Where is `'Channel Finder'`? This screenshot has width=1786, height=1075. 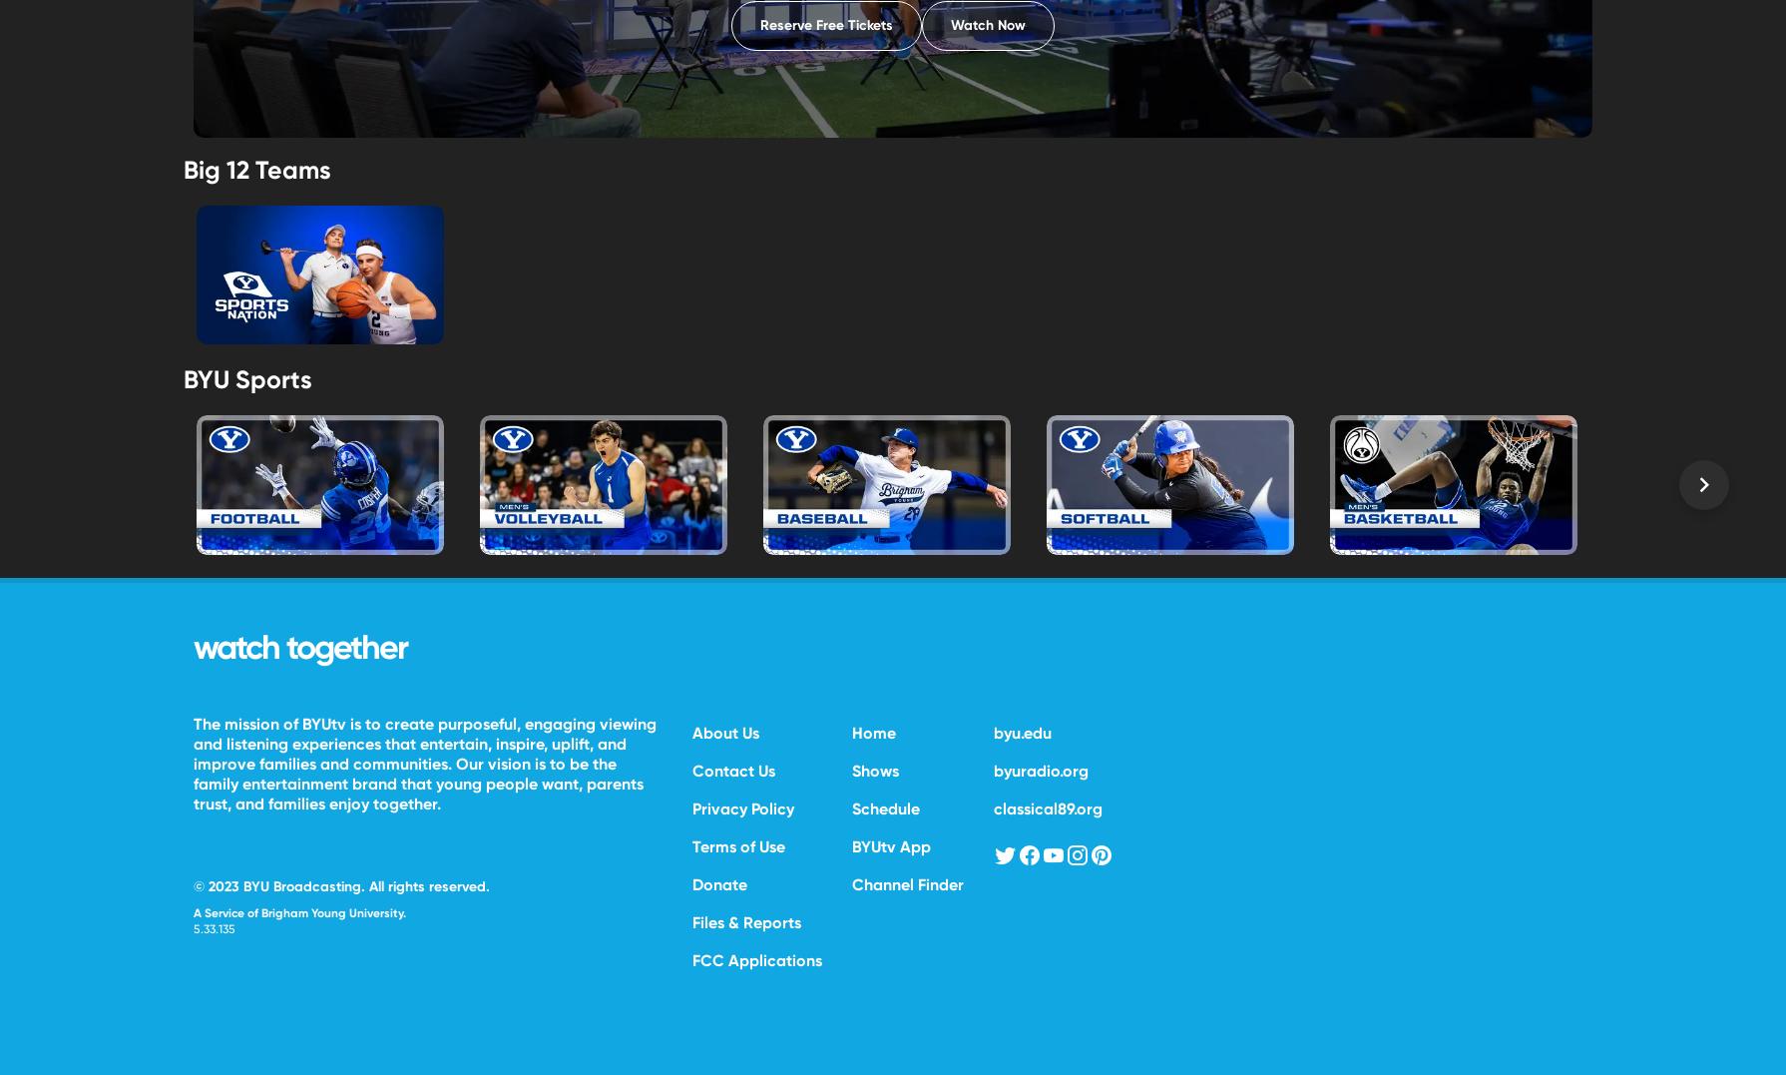 'Channel Finder' is located at coordinates (908, 882).